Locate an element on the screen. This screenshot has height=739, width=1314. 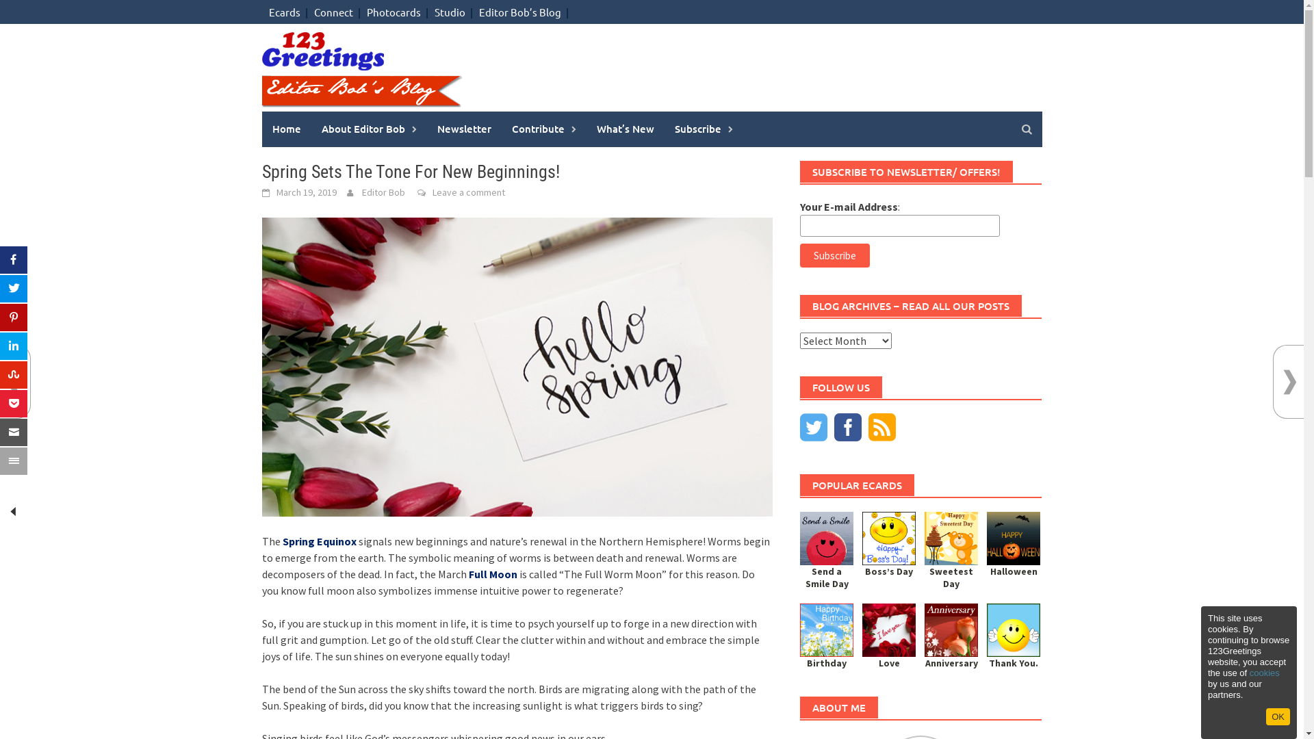
'OK' is located at coordinates (1277, 716).